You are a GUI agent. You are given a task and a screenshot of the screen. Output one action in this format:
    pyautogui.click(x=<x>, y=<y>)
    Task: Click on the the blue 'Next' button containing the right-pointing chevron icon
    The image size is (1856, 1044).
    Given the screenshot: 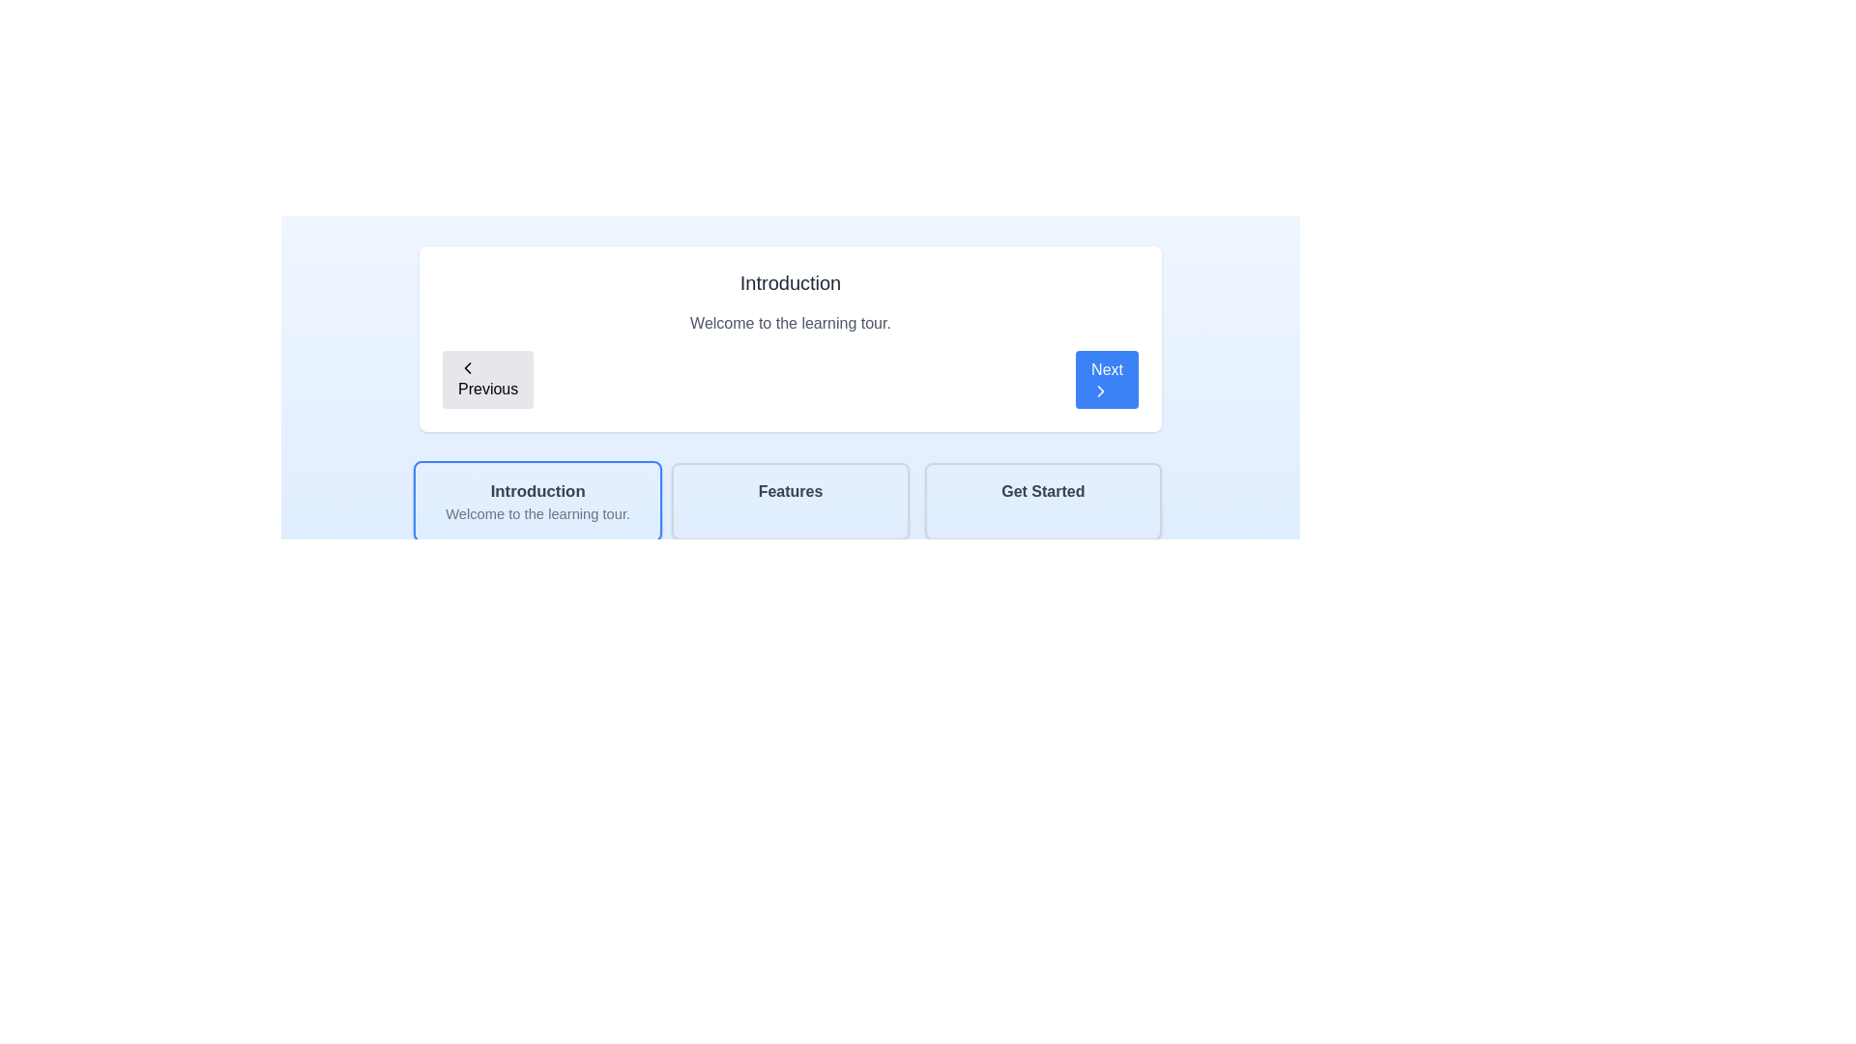 What is the action you would take?
    pyautogui.click(x=1101, y=391)
    